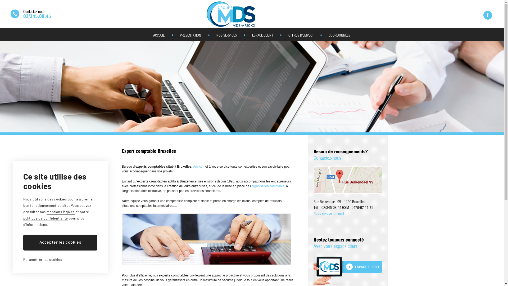 The width and height of the screenshot is (508, 286). What do you see at coordinates (268, 186) in the screenshot?
I see `'organisation comptable'` at bounding box center [268, 186].